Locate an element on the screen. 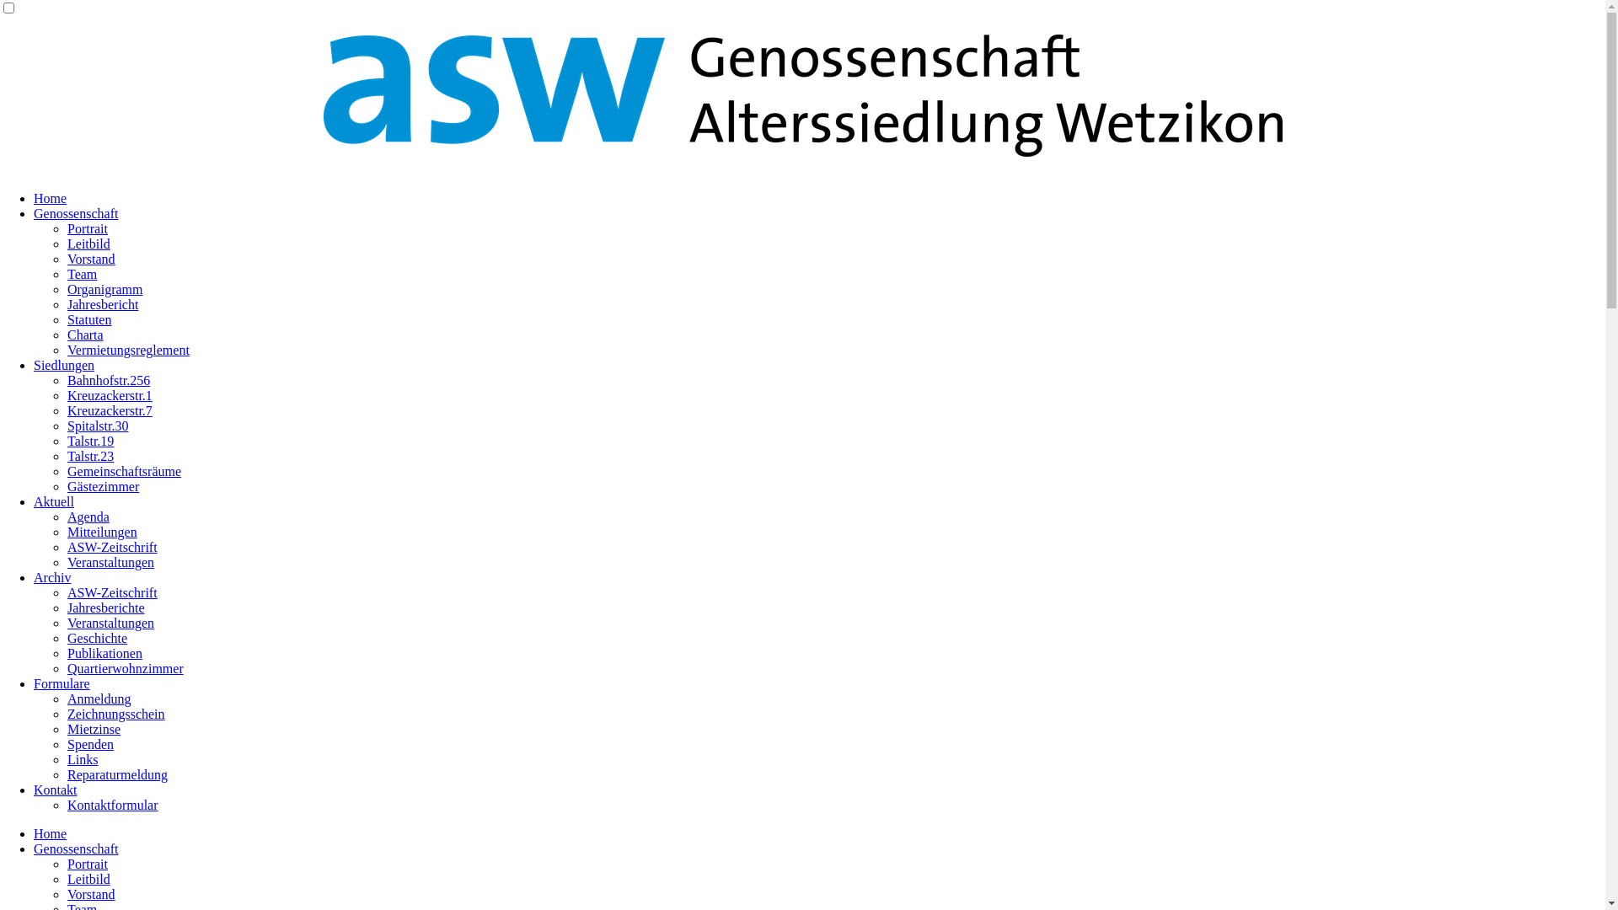 Image resolution: width=1618 pixels, height=910 pixels. 'Kreuzackerstr.7' is located at coordinates (109, 410).